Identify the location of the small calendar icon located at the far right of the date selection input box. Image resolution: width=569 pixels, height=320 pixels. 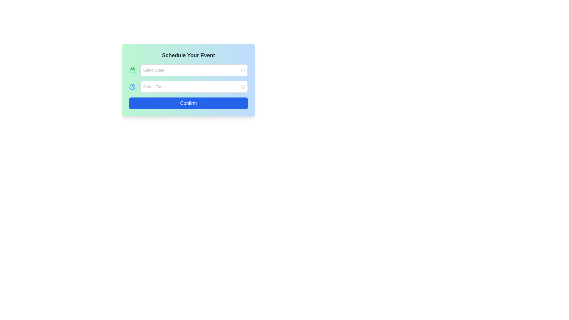
(243, 70).